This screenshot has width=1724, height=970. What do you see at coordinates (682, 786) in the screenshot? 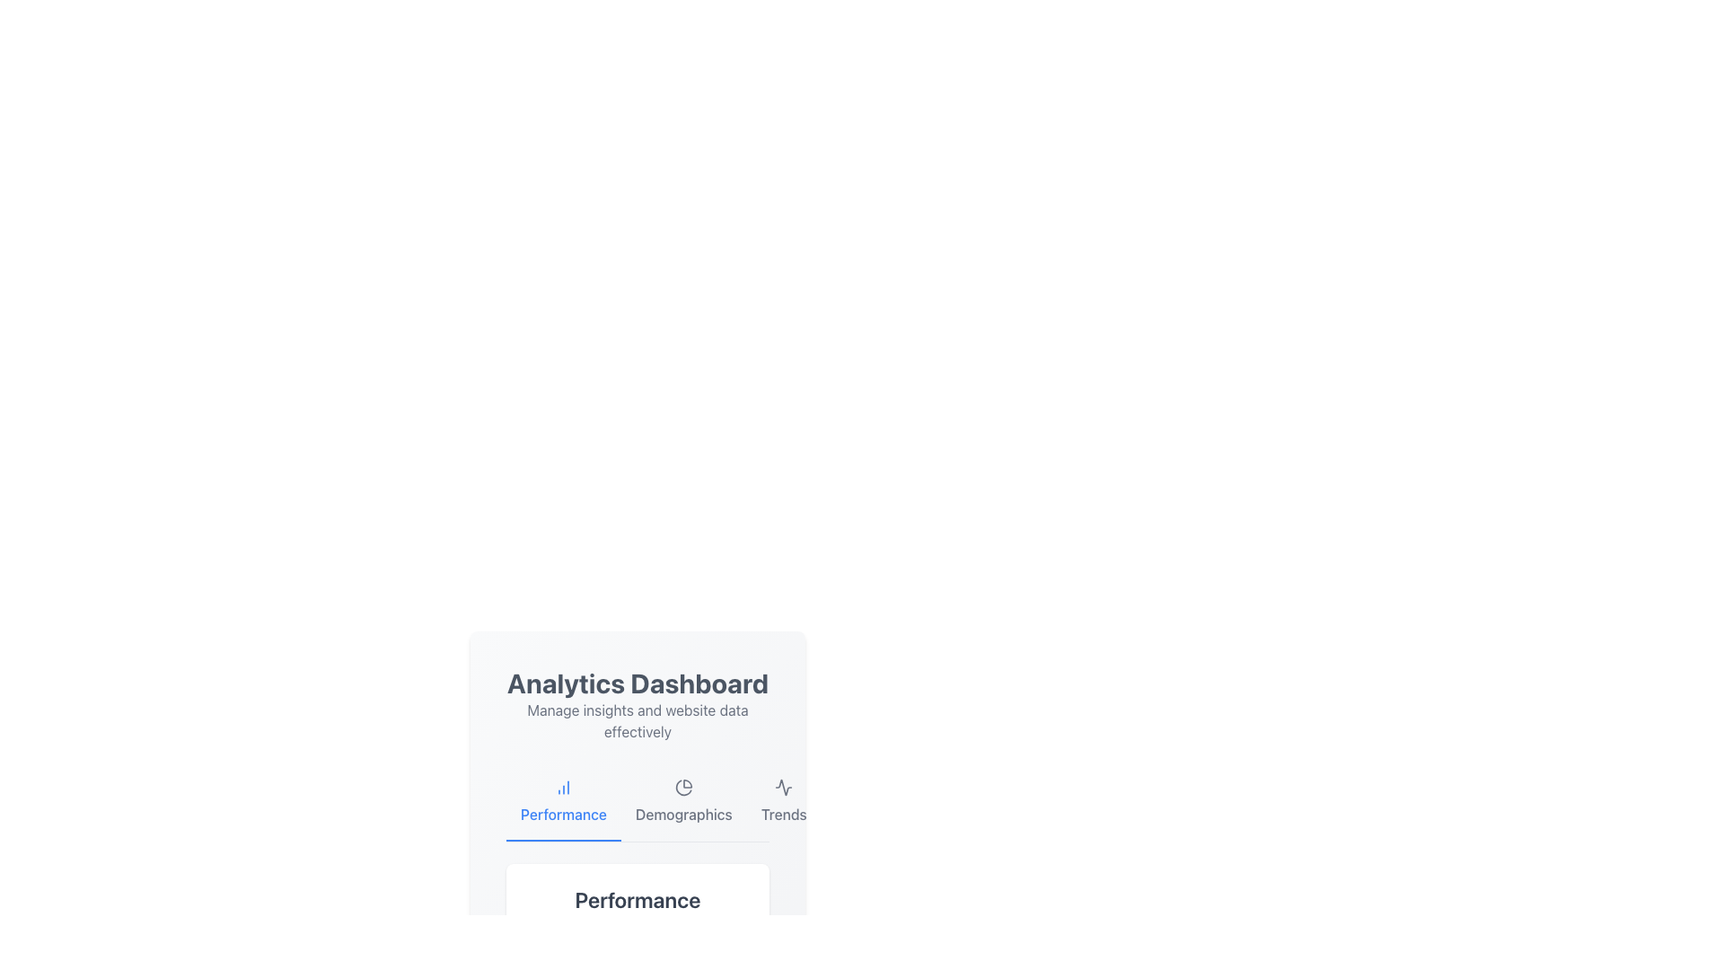
I see `the pie chart icon in the 'Demographics' section of the navigation bar` at bounding box center [682, 786].